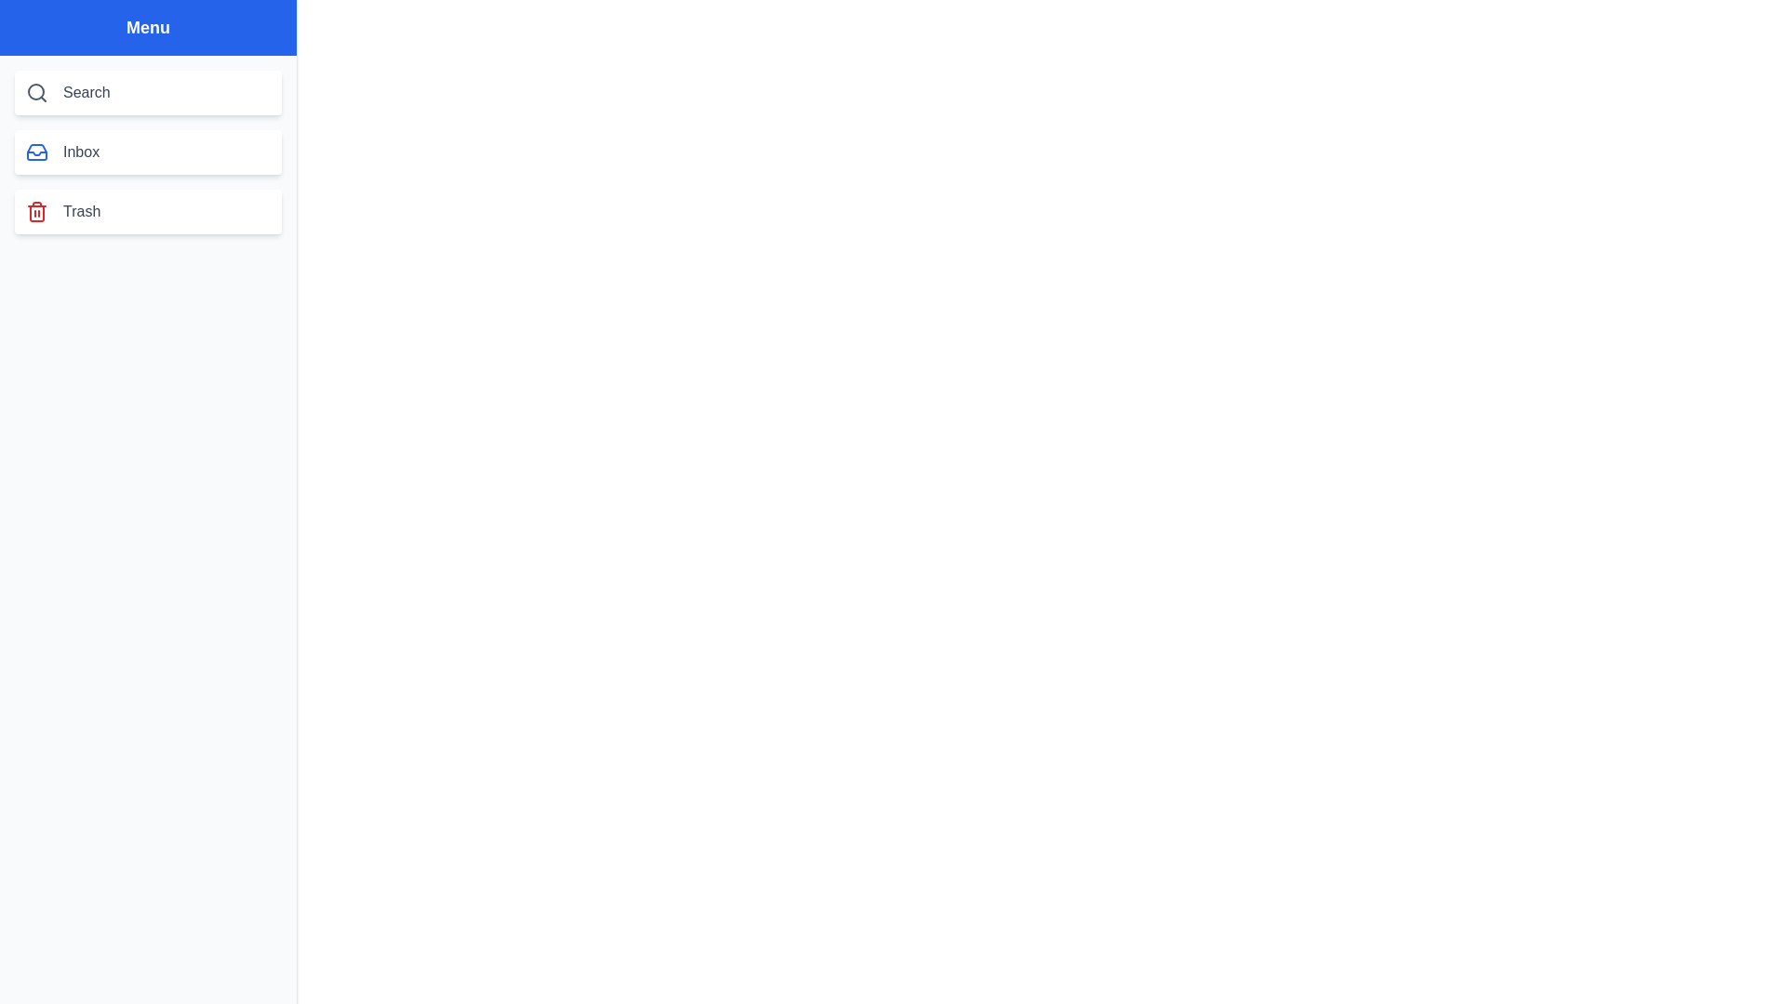 This screenshot has height=1004, width=1786. Describe the element at coordinates (36, 36) in the screenshot. I see `button in the top-left corner to toggle the drawer` at that location.